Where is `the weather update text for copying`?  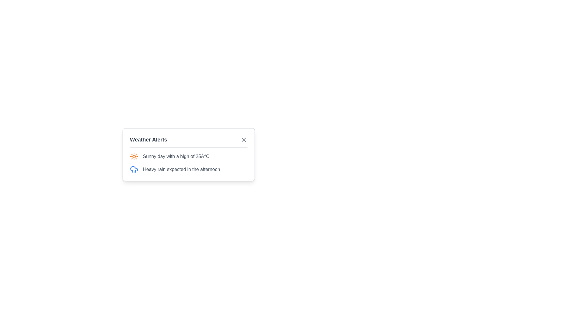 the weather update text for copying is located at coordinates (130, 152).